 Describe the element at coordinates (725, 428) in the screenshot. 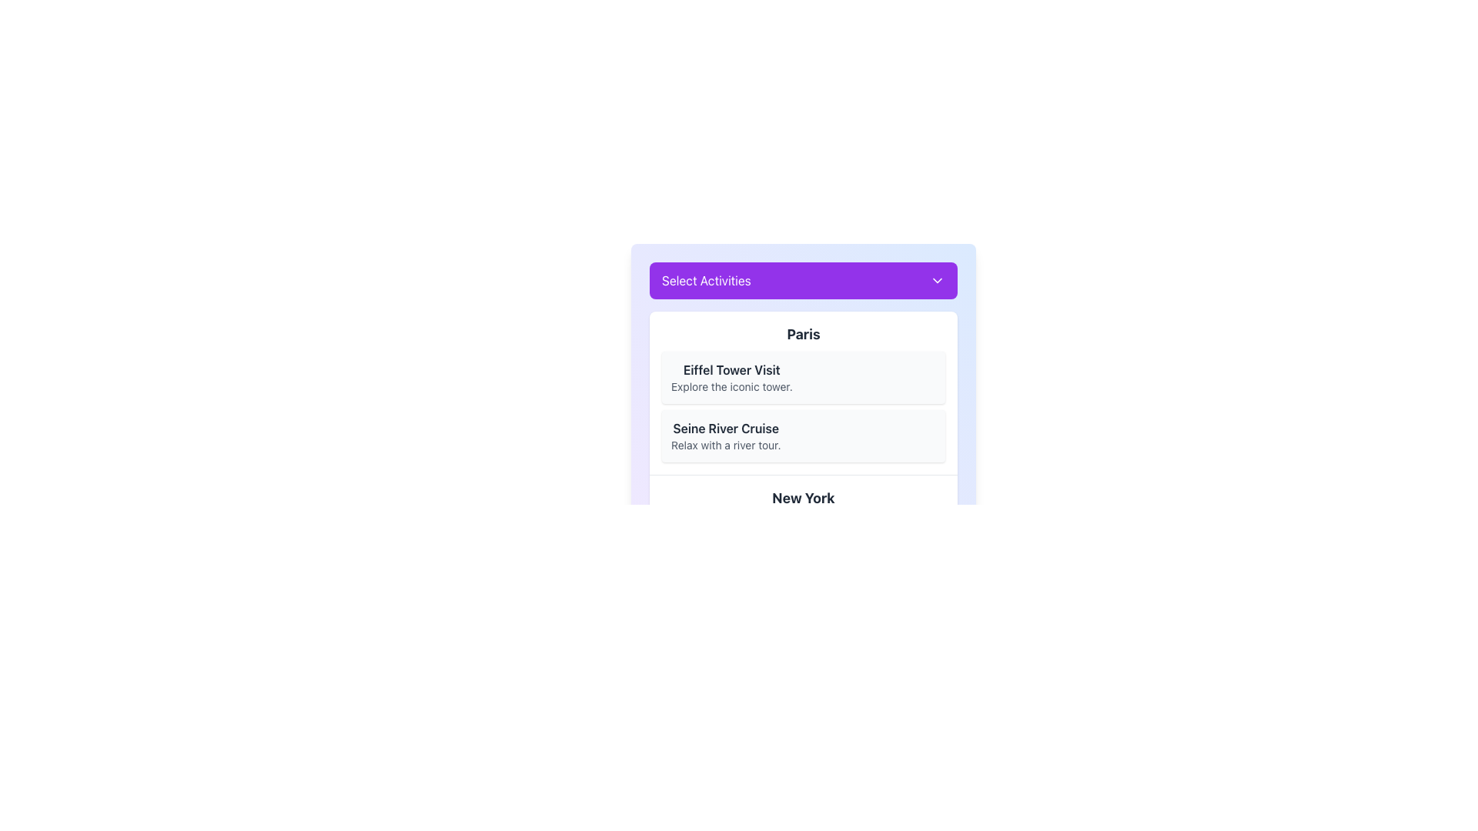

I see `the text label reading 'Seine River Cruise', which is styled in bold dark gray and is located in the 'Paris' section of activities, positioned between 'Eiffel Tower Visit' and 'Relax with a river tour.'` at that location.